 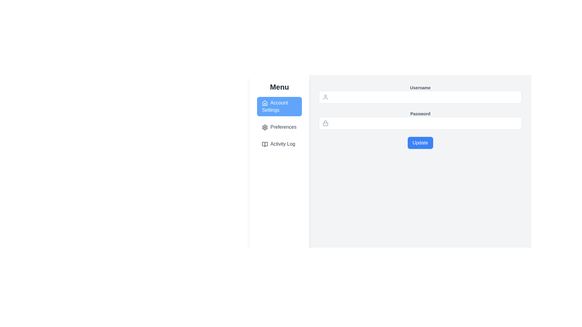 I want to click on the 'Preferences' item in the vertical navigation menu, so click(x=279, y=123).